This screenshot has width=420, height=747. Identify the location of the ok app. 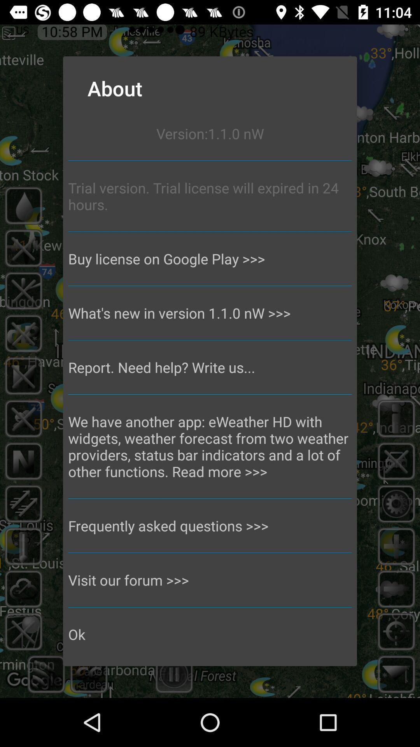
(210, 634).